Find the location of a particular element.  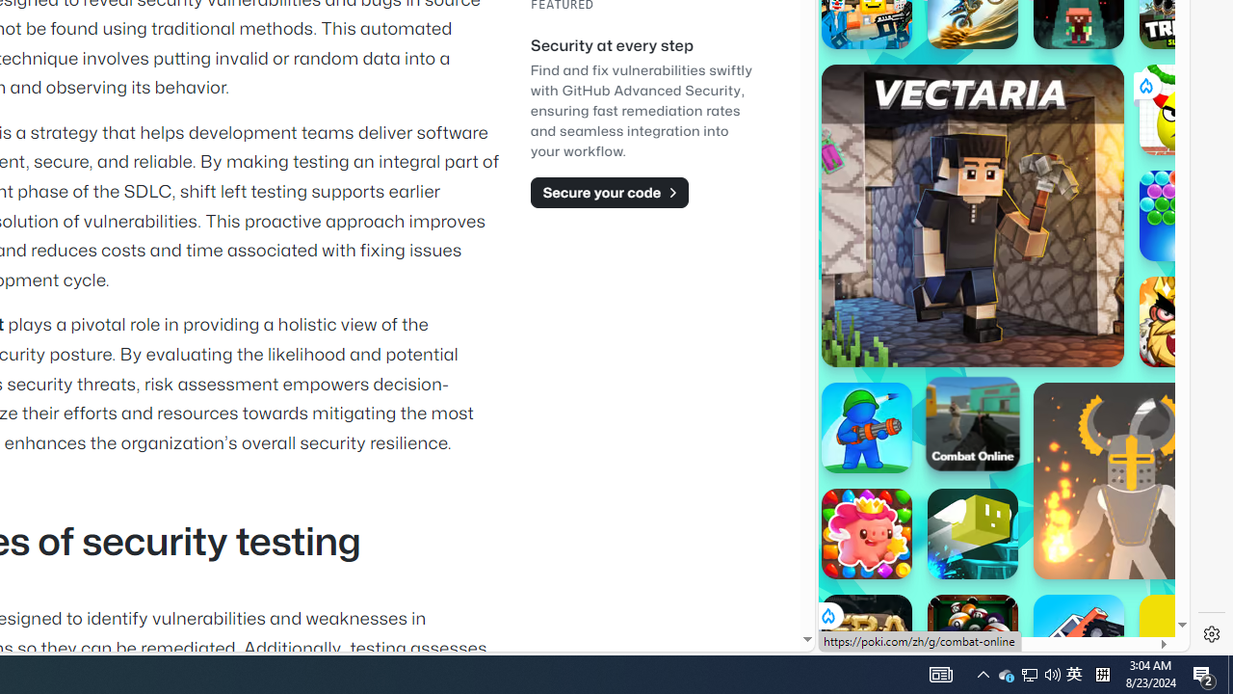

'Match Arena Match Arena' is located at coordinates (865, 534).